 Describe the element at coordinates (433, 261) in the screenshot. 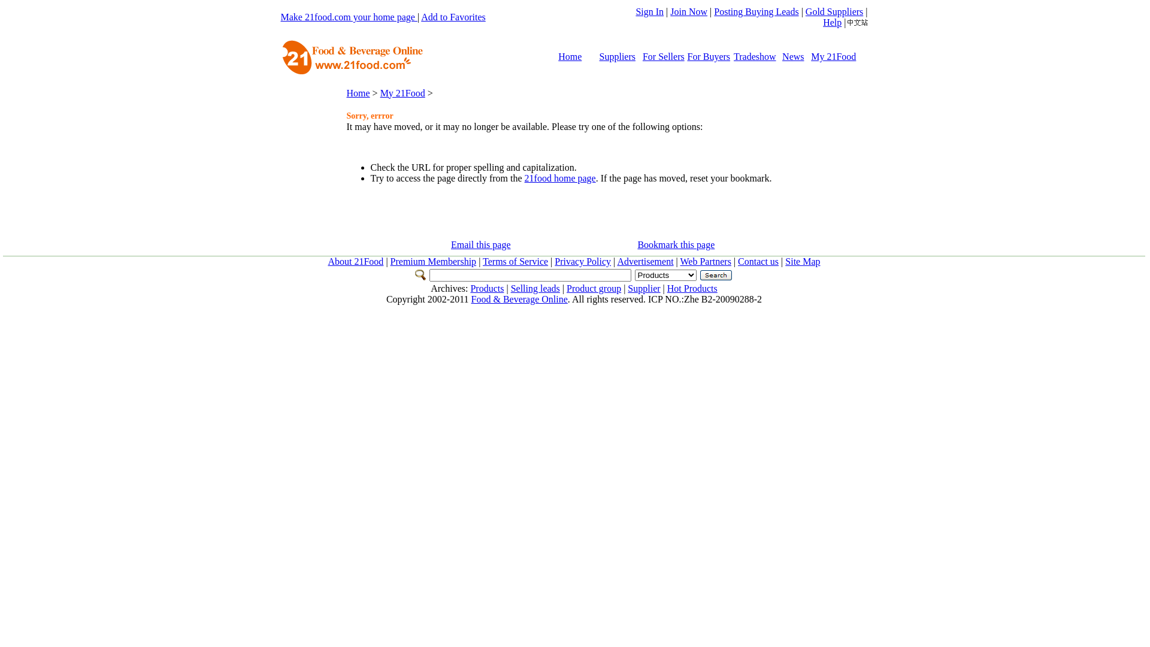

I see `'Premium Membership'` at that location.